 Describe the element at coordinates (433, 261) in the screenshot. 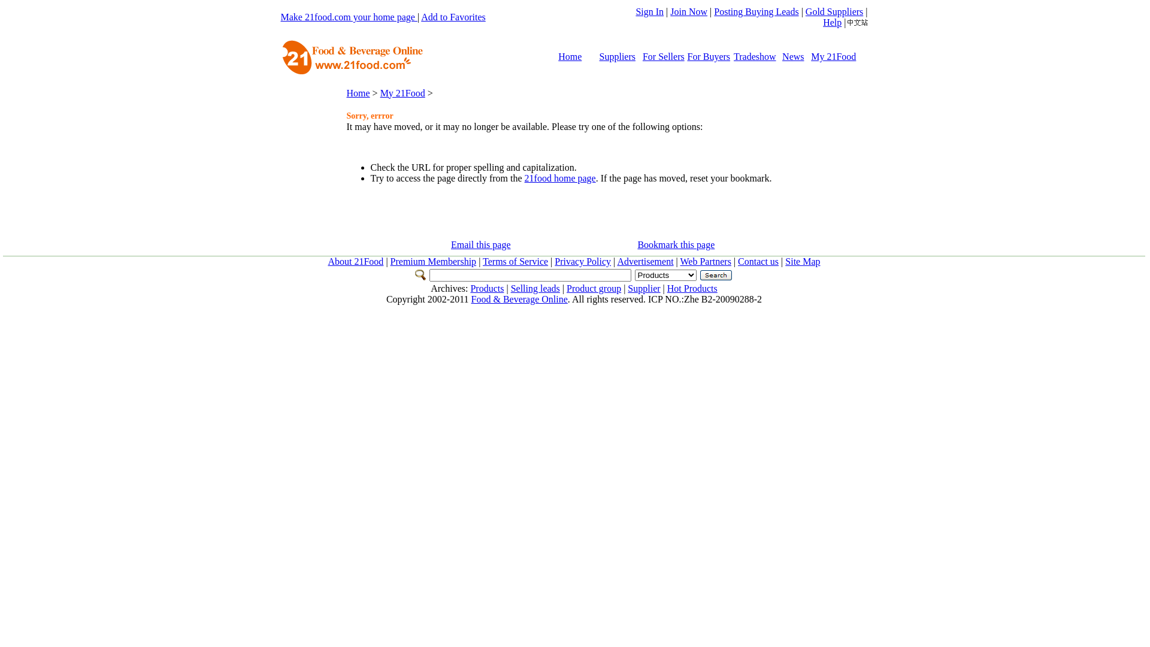

I see `'Premium Membership'` at that location.